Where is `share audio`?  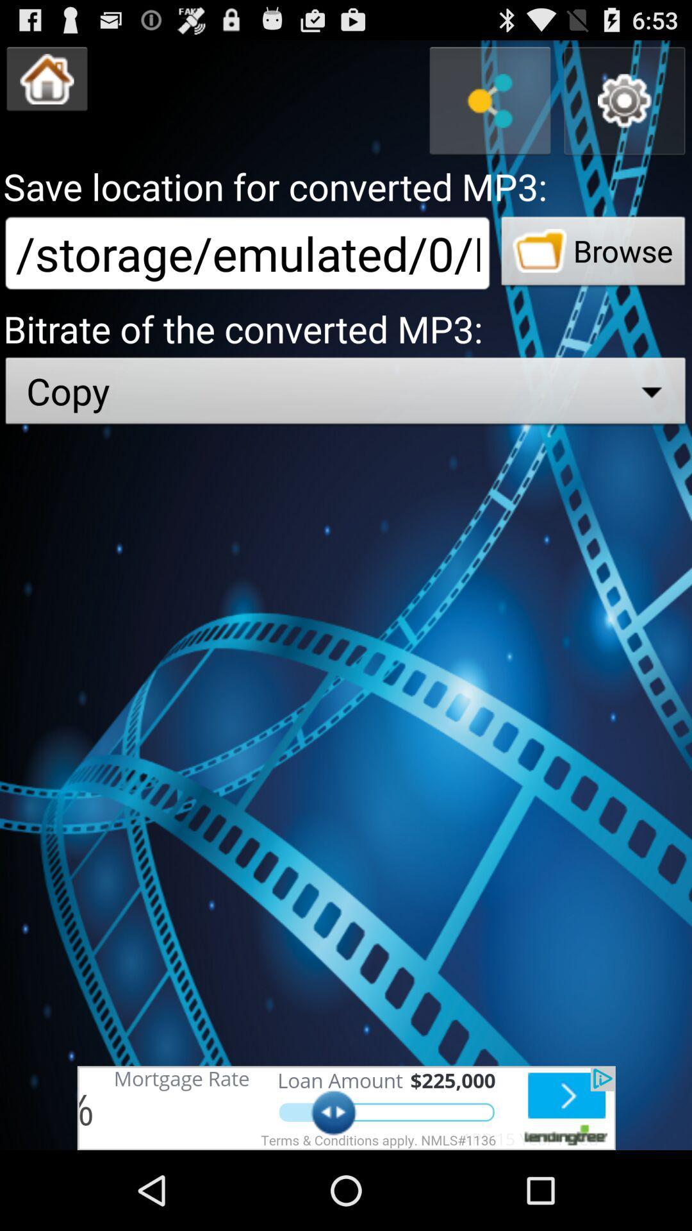 share audio is located at coordinates (490, 100).